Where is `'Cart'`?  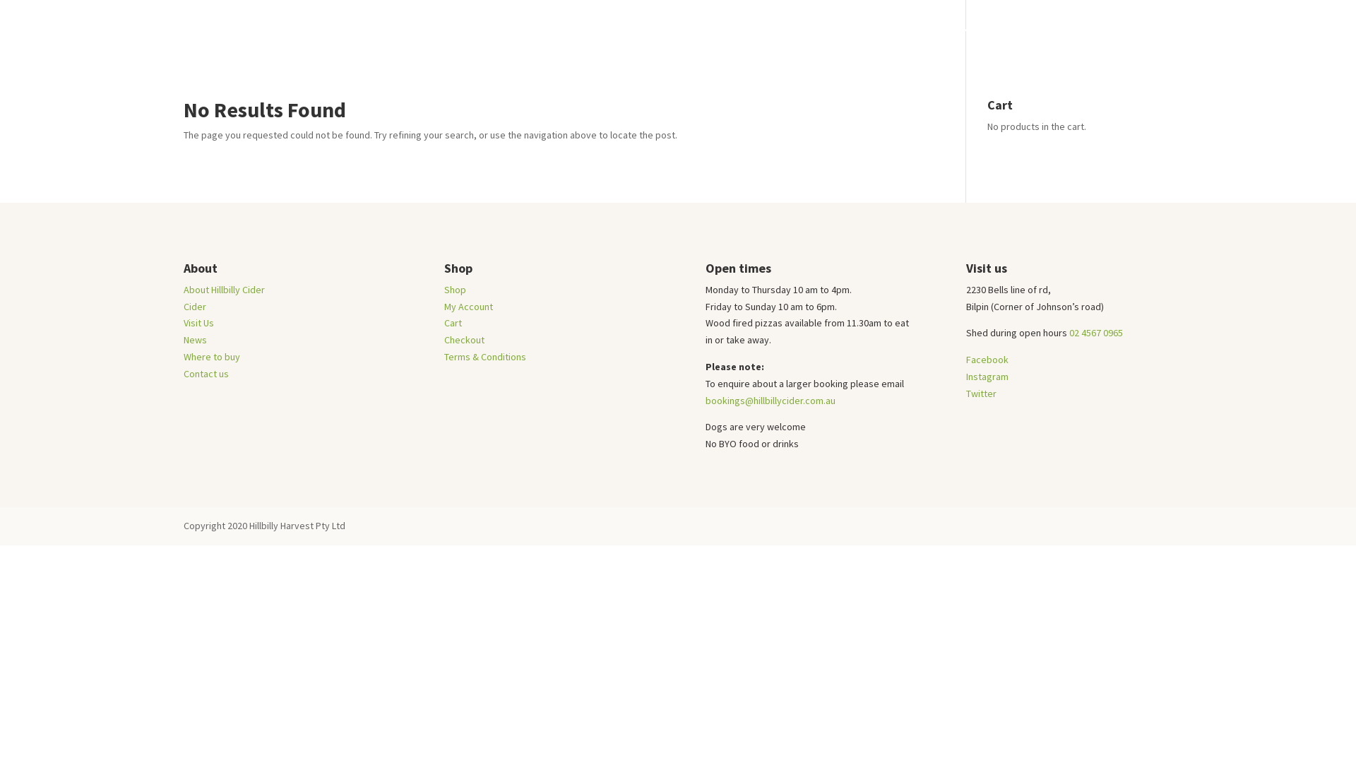 'Cart' is located at coordinates (443, 322).